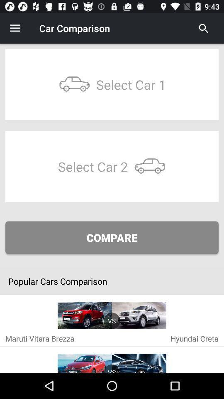  What do you see at coordinates (203, 28) in the screenshot?
I see `search for car` at bounding box center [203, 28].